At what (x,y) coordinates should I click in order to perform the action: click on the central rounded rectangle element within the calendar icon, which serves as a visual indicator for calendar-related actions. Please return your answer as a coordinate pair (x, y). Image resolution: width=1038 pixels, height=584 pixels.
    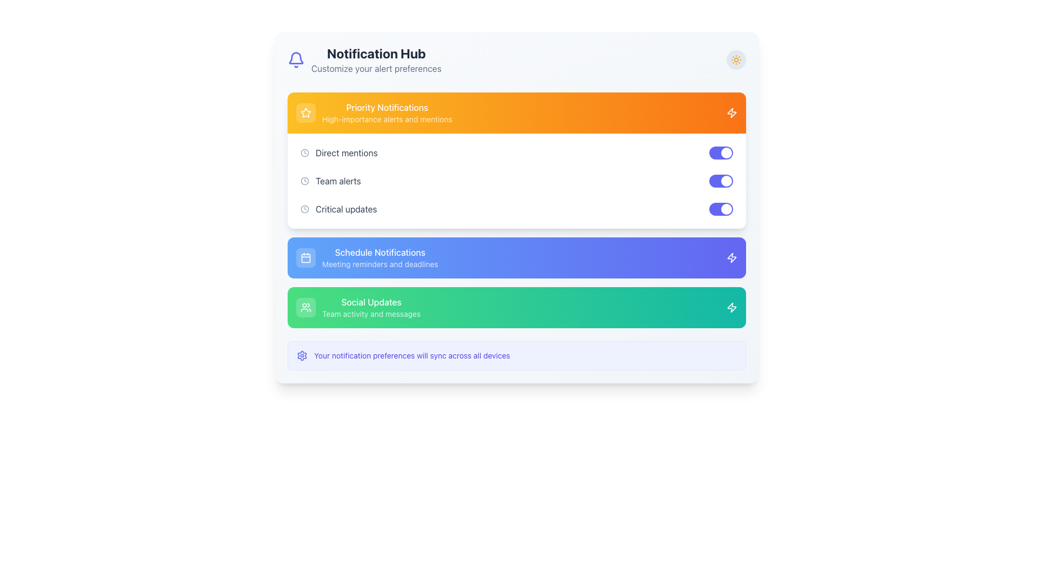
    Looking at the image, I should click on (305, 258).